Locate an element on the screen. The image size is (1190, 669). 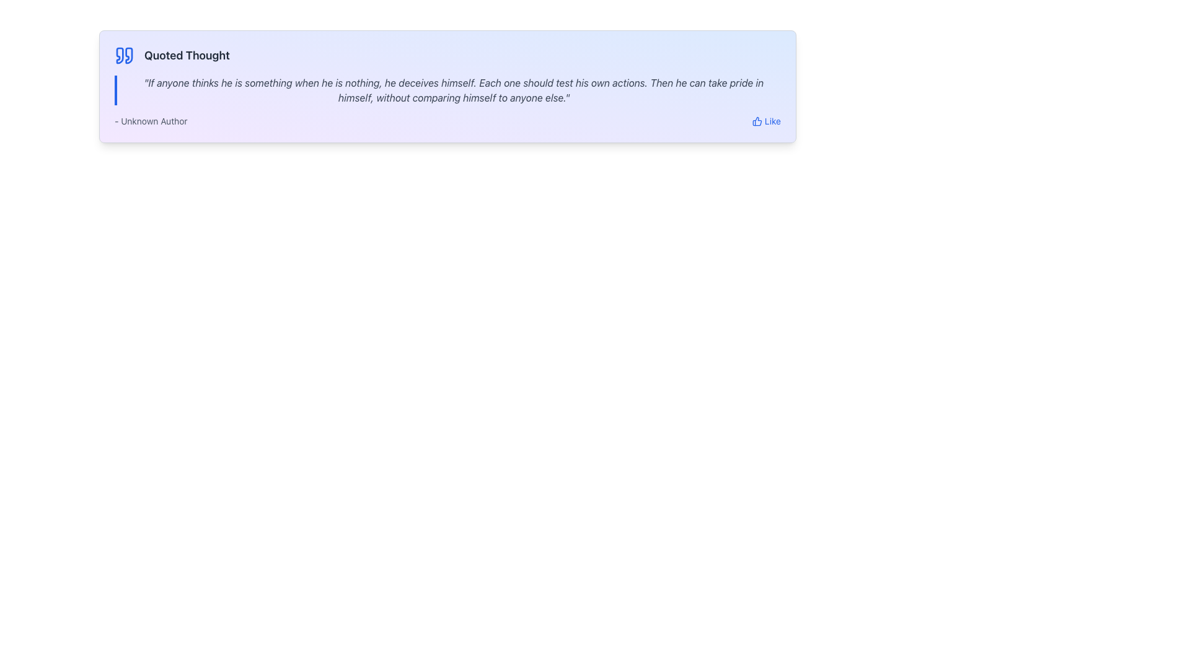
text content of the title label for the quotation block, which is located on the top row to the right of a blue quotation mark icon is located at coordinates (186, 55).